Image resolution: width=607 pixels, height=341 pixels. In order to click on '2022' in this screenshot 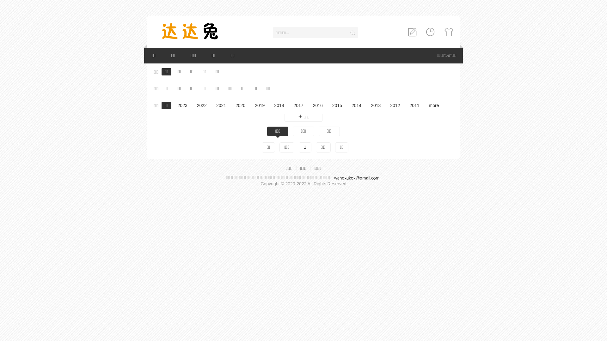, I will do `click(201, 105)`.